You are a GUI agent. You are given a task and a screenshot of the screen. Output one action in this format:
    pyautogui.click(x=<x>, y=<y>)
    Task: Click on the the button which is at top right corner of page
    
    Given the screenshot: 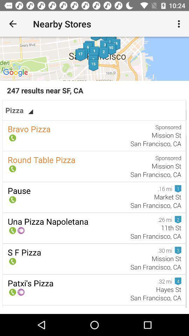 What is the action you would take?
    pyautogui.click(x=180, y=24)
    